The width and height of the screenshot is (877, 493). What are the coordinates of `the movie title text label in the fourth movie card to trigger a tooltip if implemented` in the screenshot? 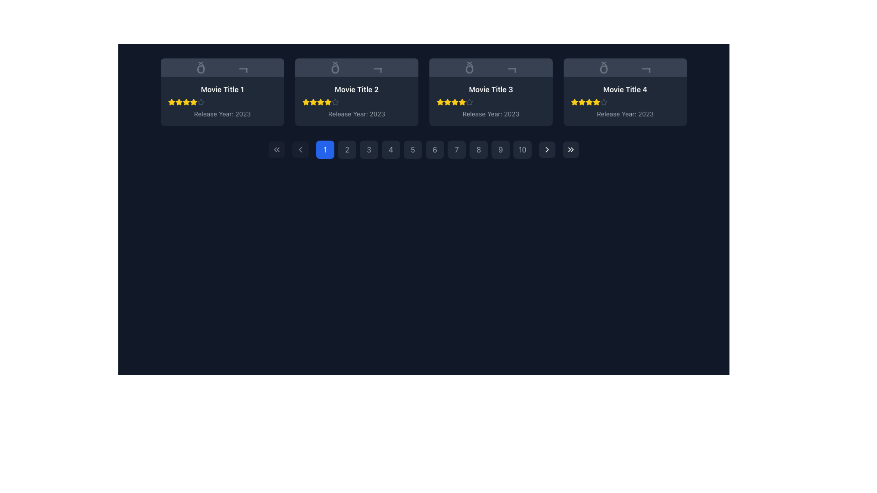 It's located at (624, 89).